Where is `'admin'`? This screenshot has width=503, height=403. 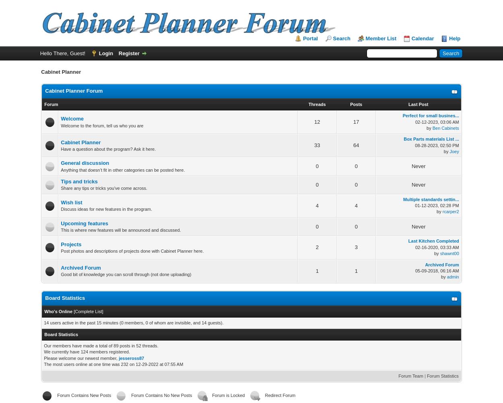 'admin' is located at coordinates (453, 277).